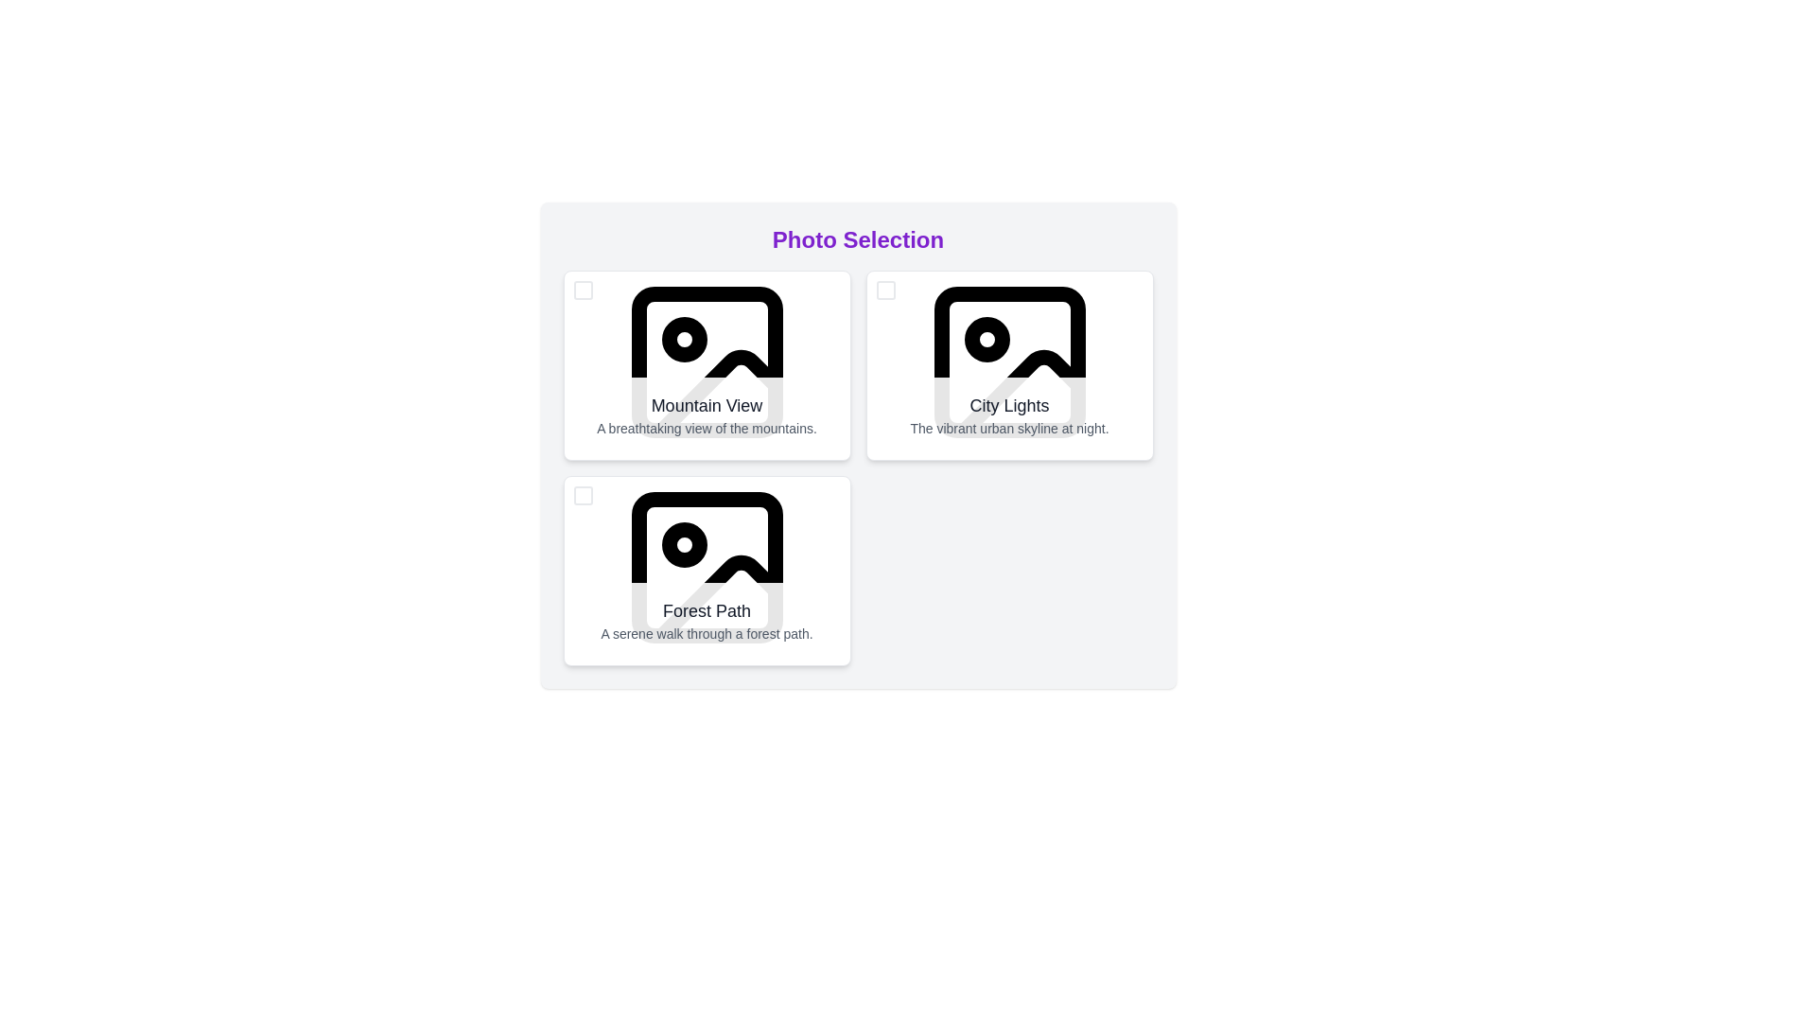 The height and width of the screenshot is (1022, 1816). I want to click on text 'City Lights' from the title label displayed in bold and large font at the top section of the selection card, located at the top-right corner of the grid of elements, so click(1008, 404).